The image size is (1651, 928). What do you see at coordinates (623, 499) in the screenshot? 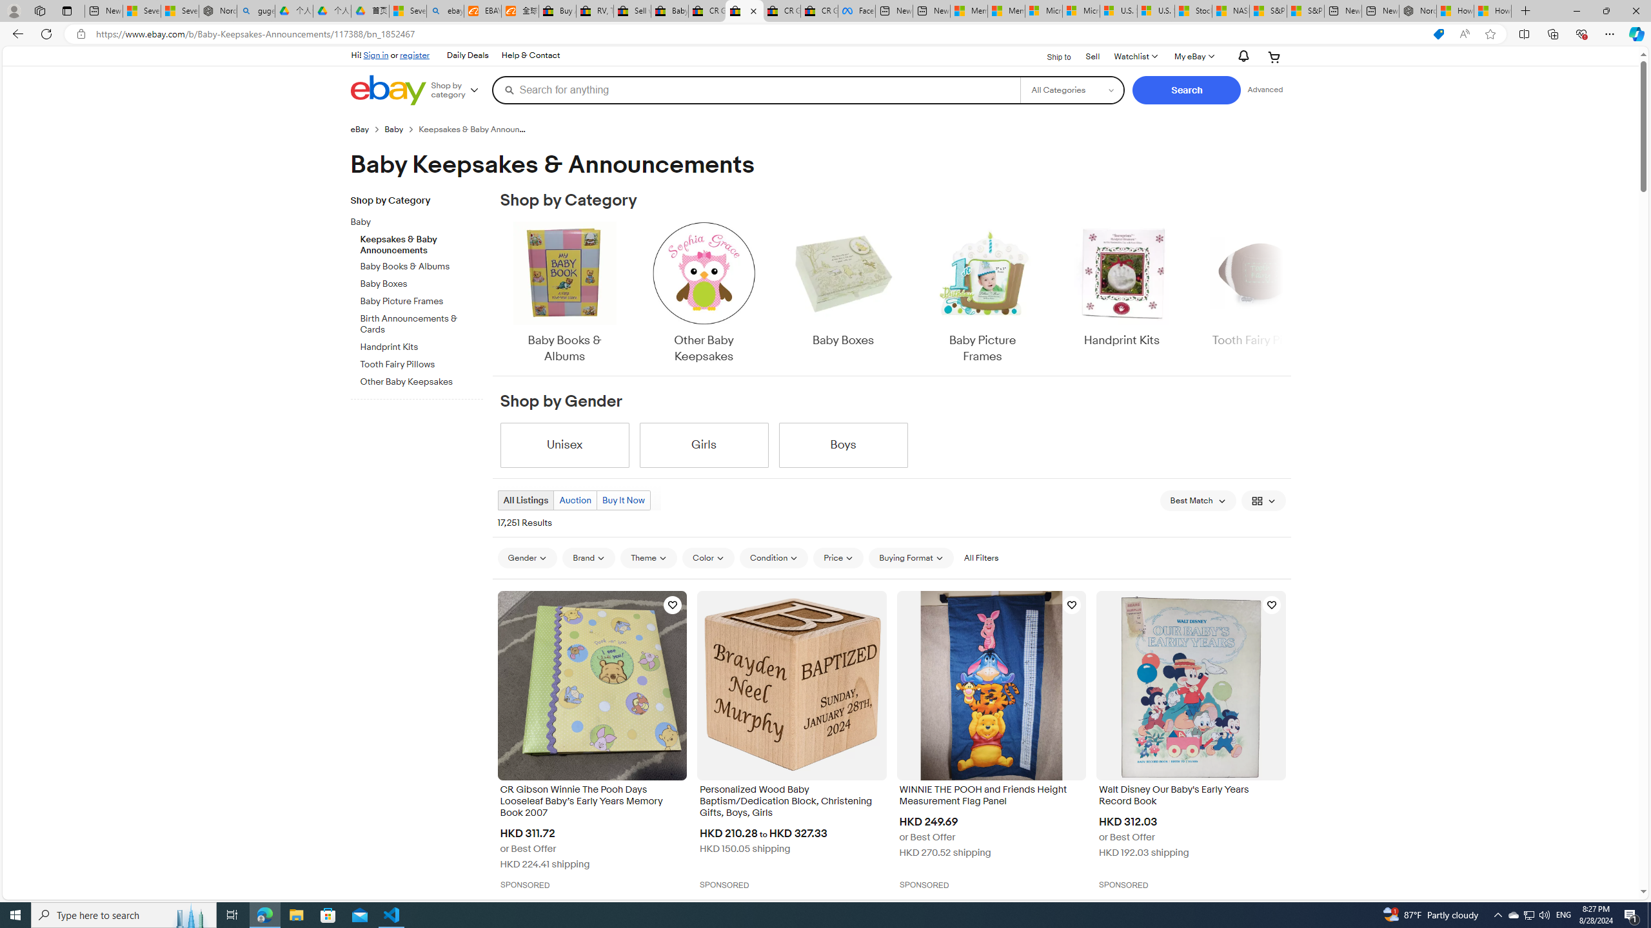
I see `'Buy It Now'` at bounding box center [623, 499].